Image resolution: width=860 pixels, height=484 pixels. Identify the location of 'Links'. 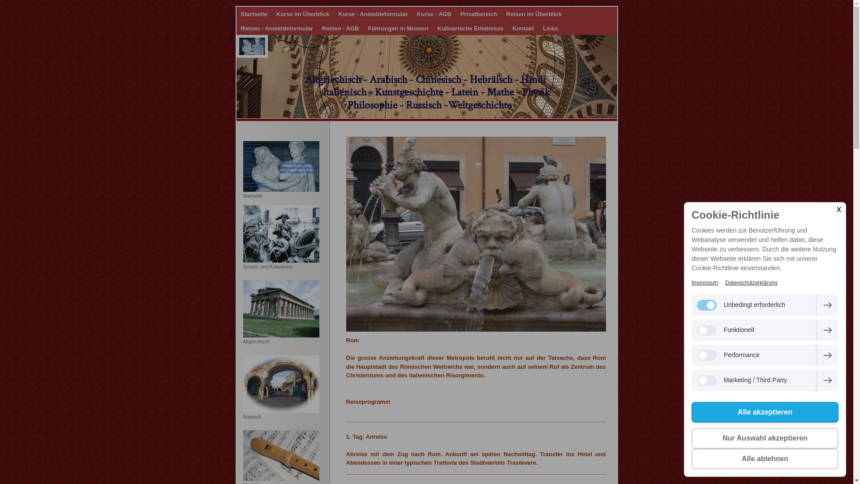
(550, 27).